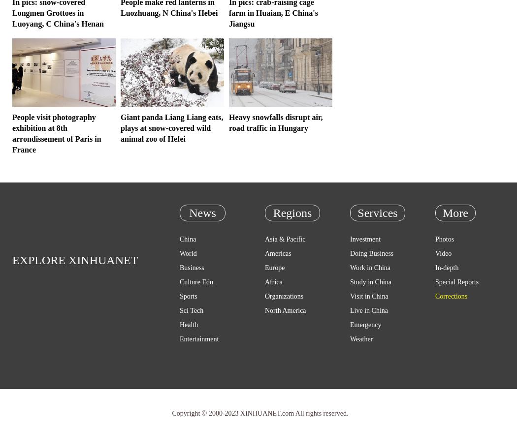 The width and height of the screenshot is (517, 425). Describe the element at coordinates (171, 128) in the screenshot. I see `'Giant panda Liang Liang eats, plays at snow-covered wild animal zoo of Hefei'` at that location.